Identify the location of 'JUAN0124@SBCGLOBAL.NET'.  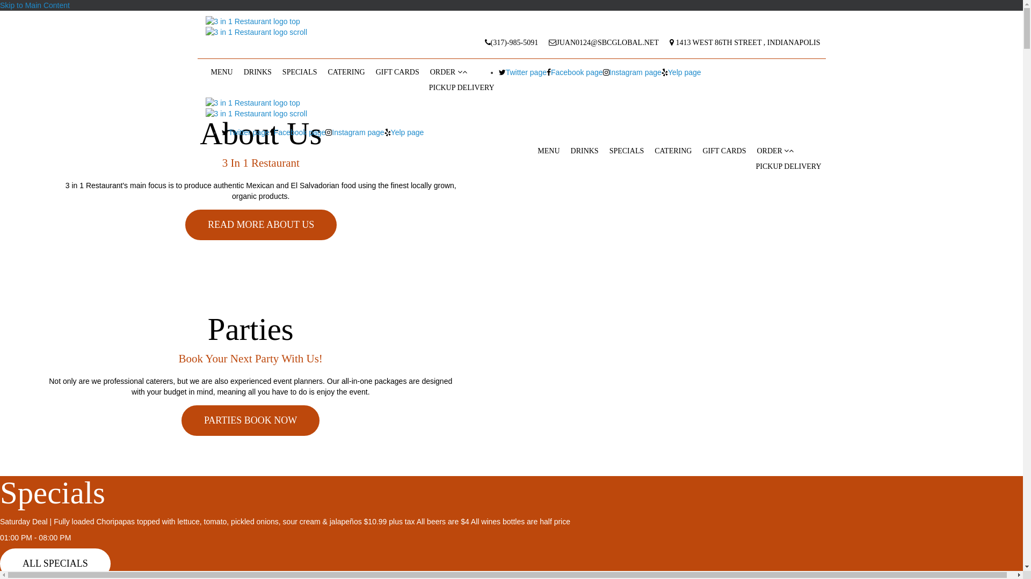
(604, 42).